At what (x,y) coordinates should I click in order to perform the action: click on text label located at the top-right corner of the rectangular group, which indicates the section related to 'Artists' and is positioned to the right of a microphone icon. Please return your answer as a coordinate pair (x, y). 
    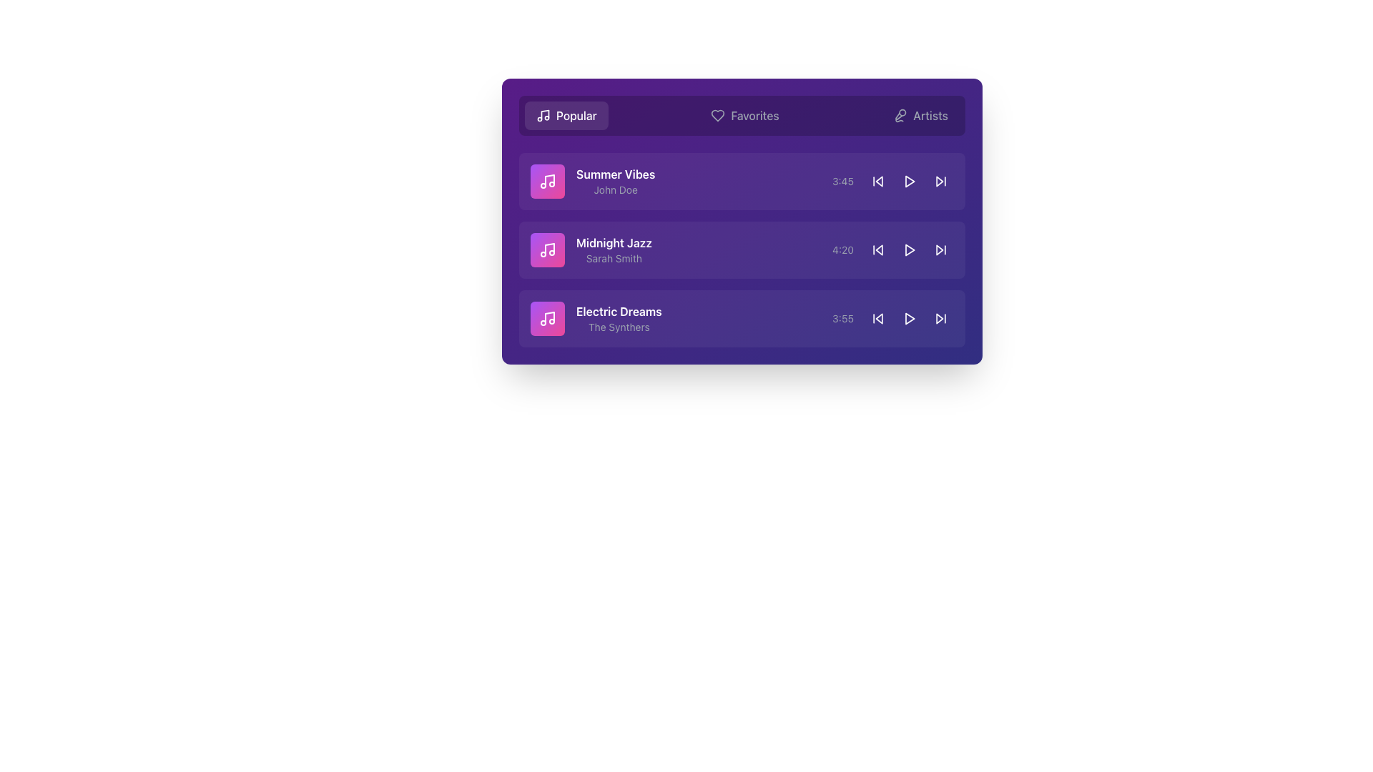
    Looking at the image, I should click on (930, 115).